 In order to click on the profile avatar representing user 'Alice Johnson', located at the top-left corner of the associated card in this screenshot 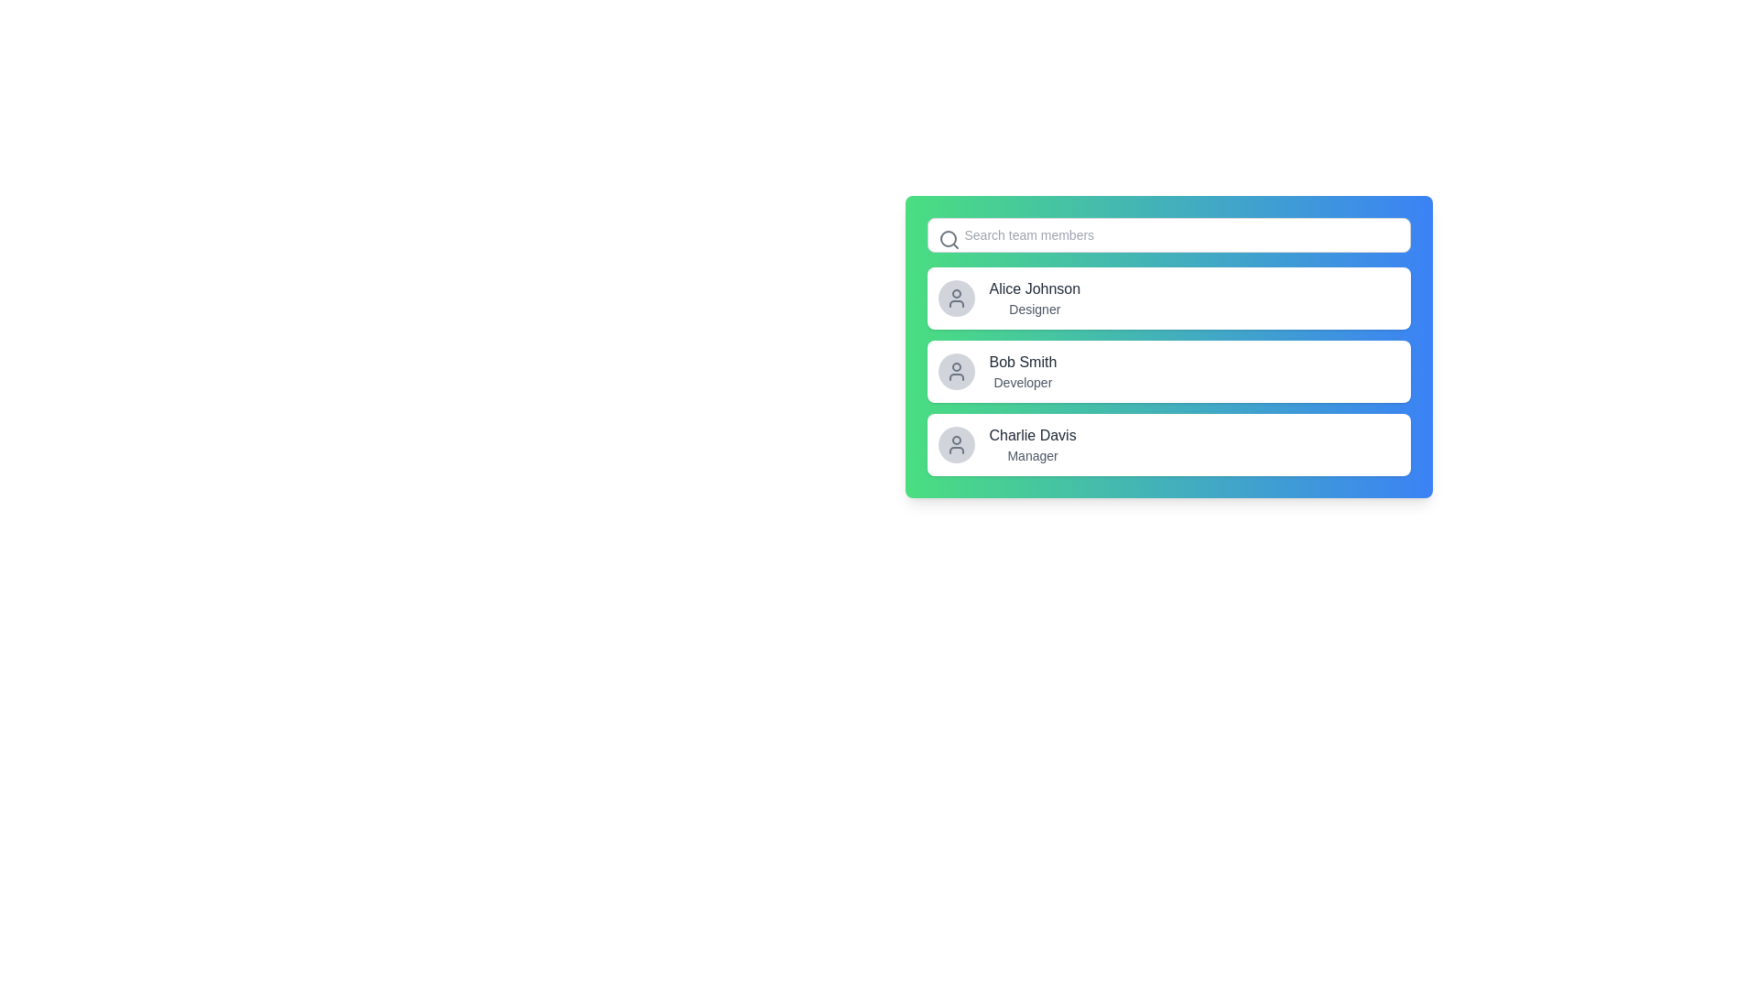, I will do `click(955, 298)`.